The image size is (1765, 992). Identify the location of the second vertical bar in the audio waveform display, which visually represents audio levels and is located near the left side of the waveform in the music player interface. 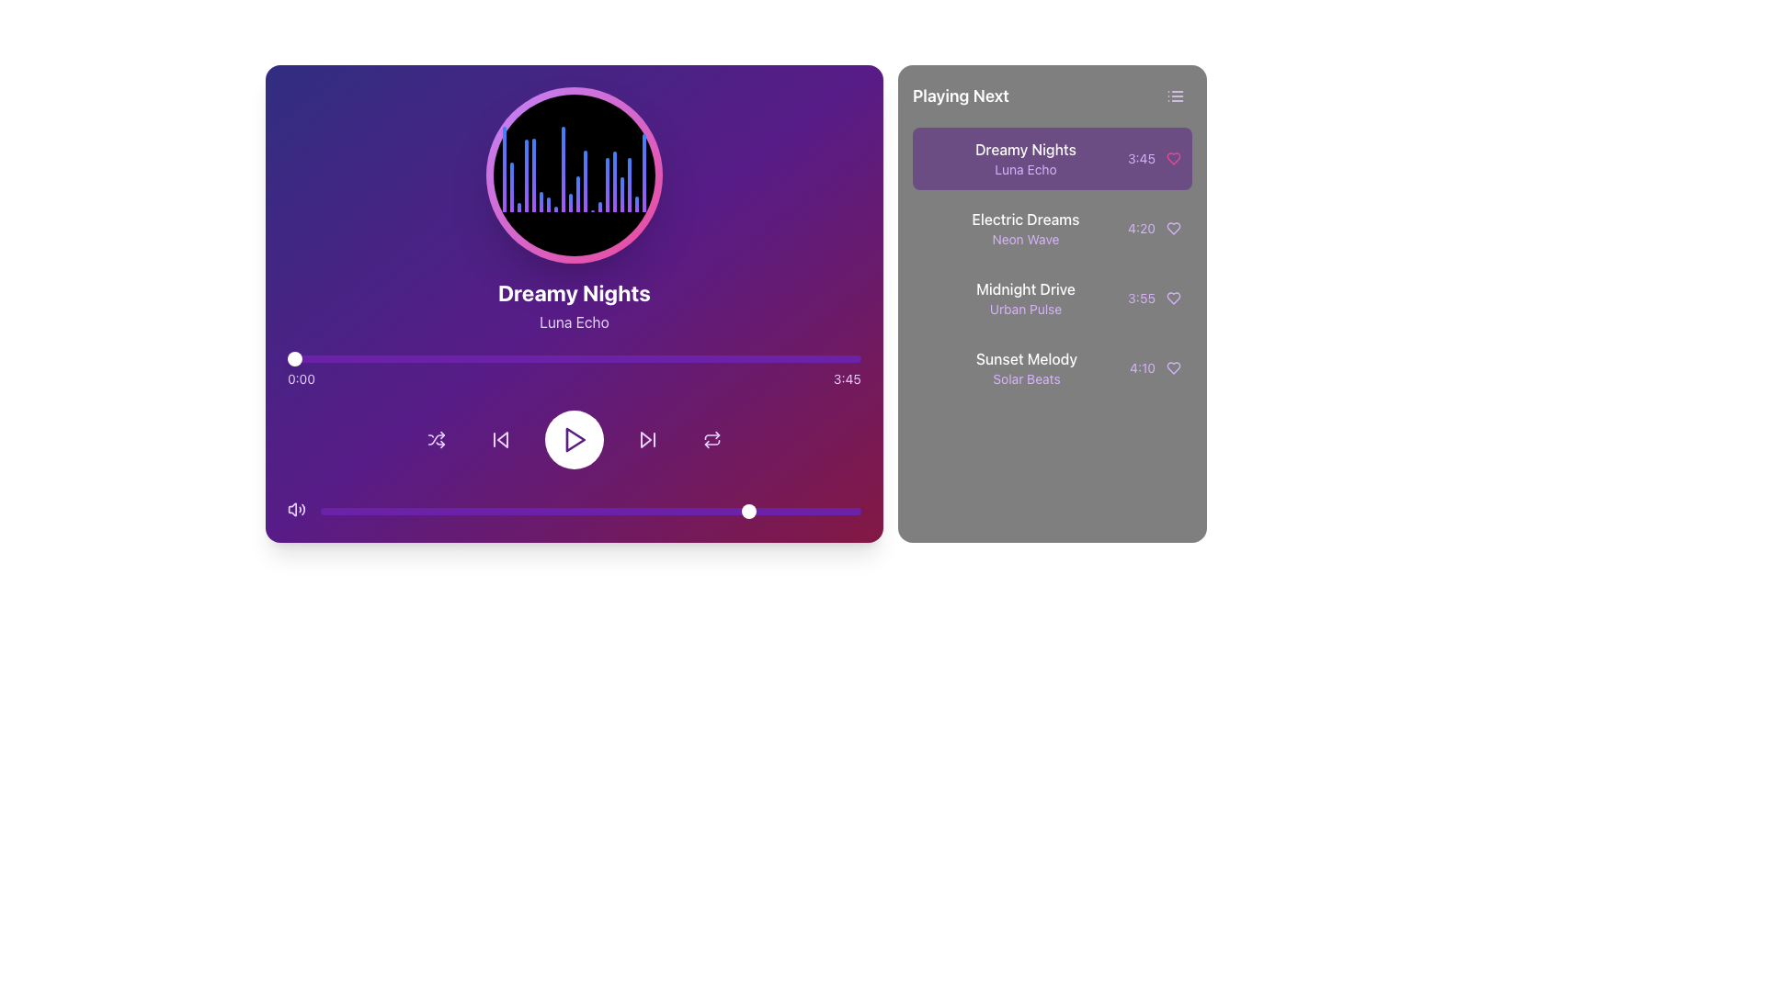
(511, 186).